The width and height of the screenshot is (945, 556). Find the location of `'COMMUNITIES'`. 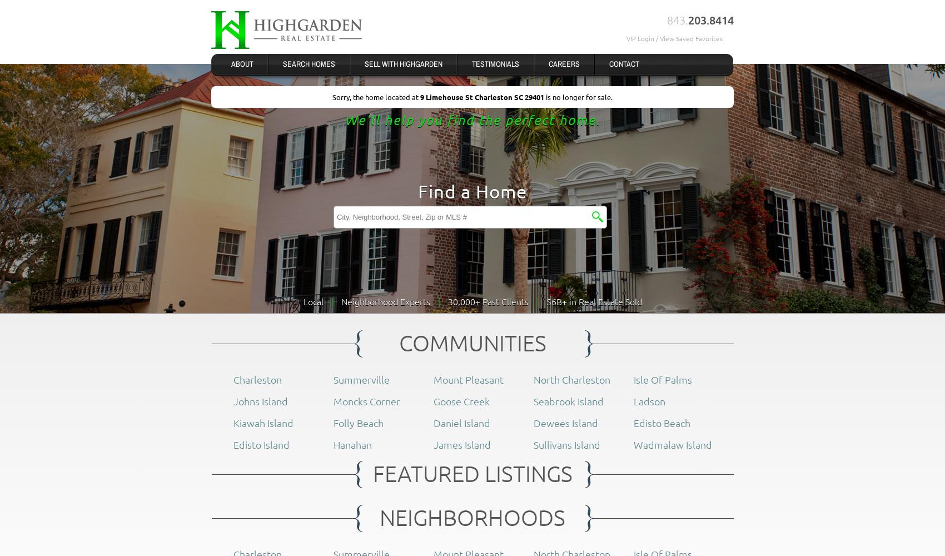

'COMMUNITIES' is located at coordinates (471, 342).